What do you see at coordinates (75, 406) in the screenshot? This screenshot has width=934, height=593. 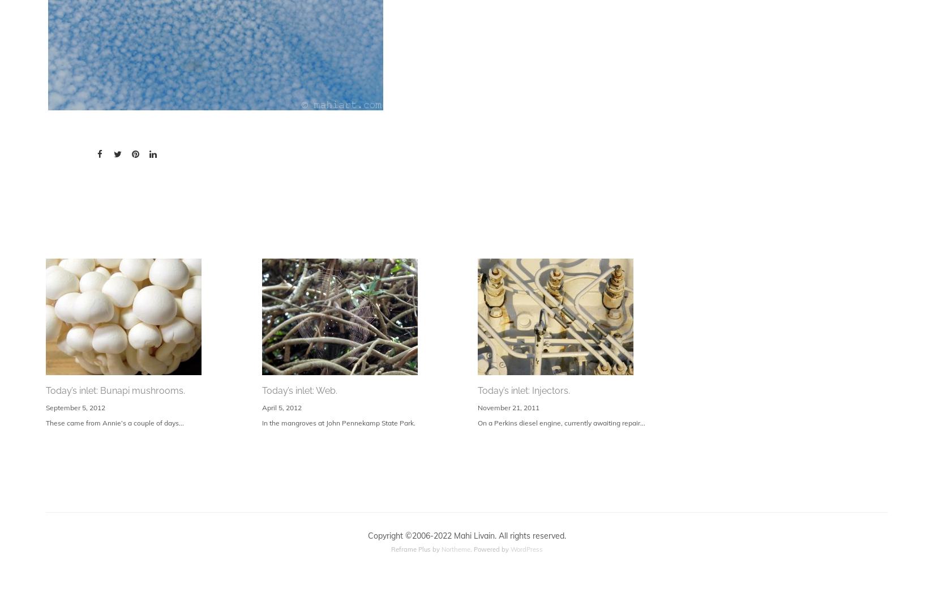 I see `'September 5, 2012'` at bounding box center [75, 406].